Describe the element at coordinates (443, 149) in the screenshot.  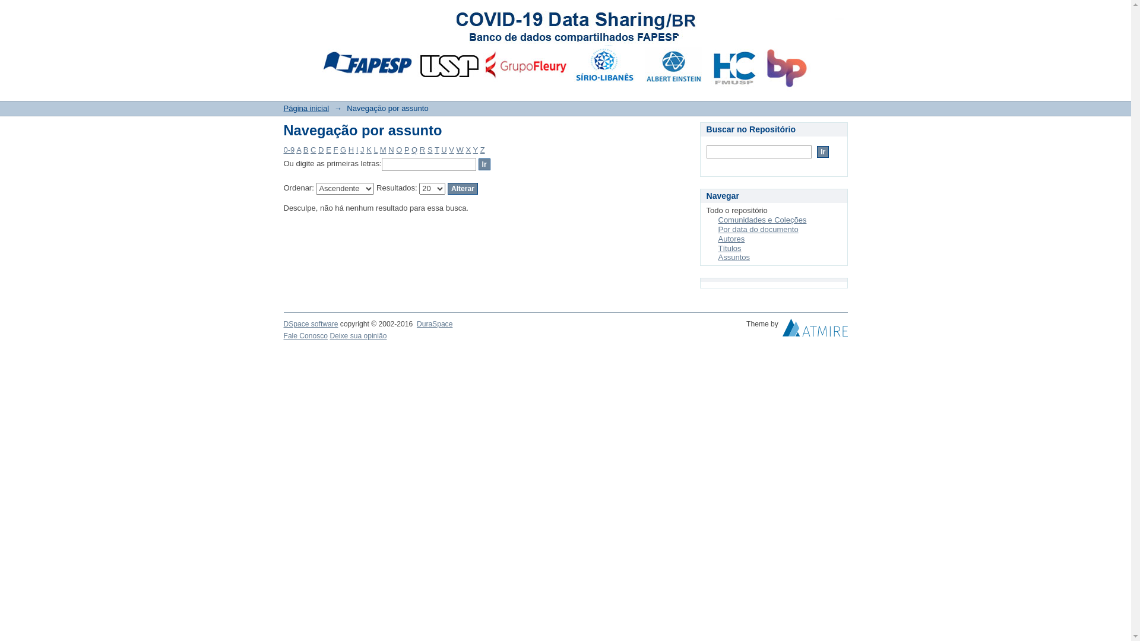
I see `'U'` at that location.